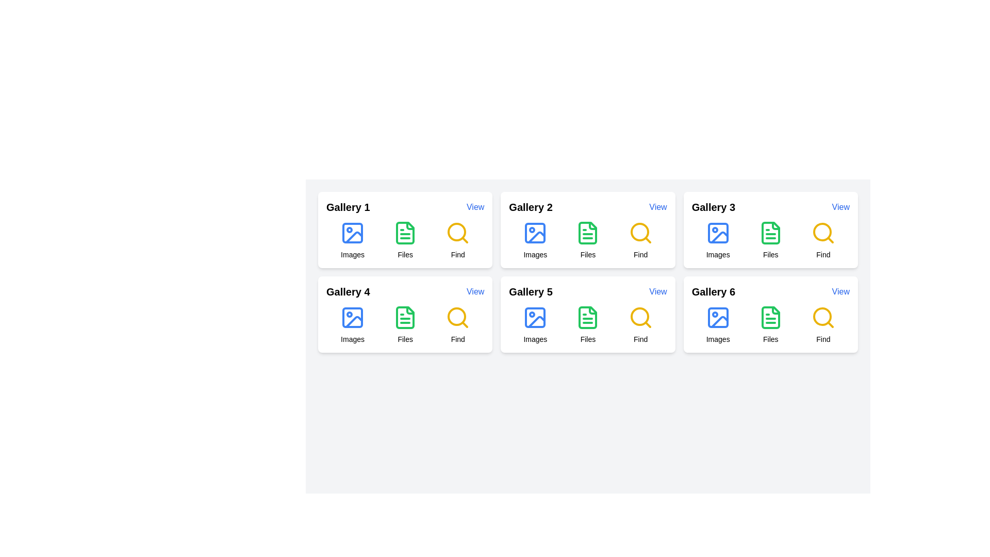  Describe the element at coordinates (717, 317) in the screenshot. I see `the 'Images' icon located in the bottom-right card titled 'Gallery 6'` at that location.